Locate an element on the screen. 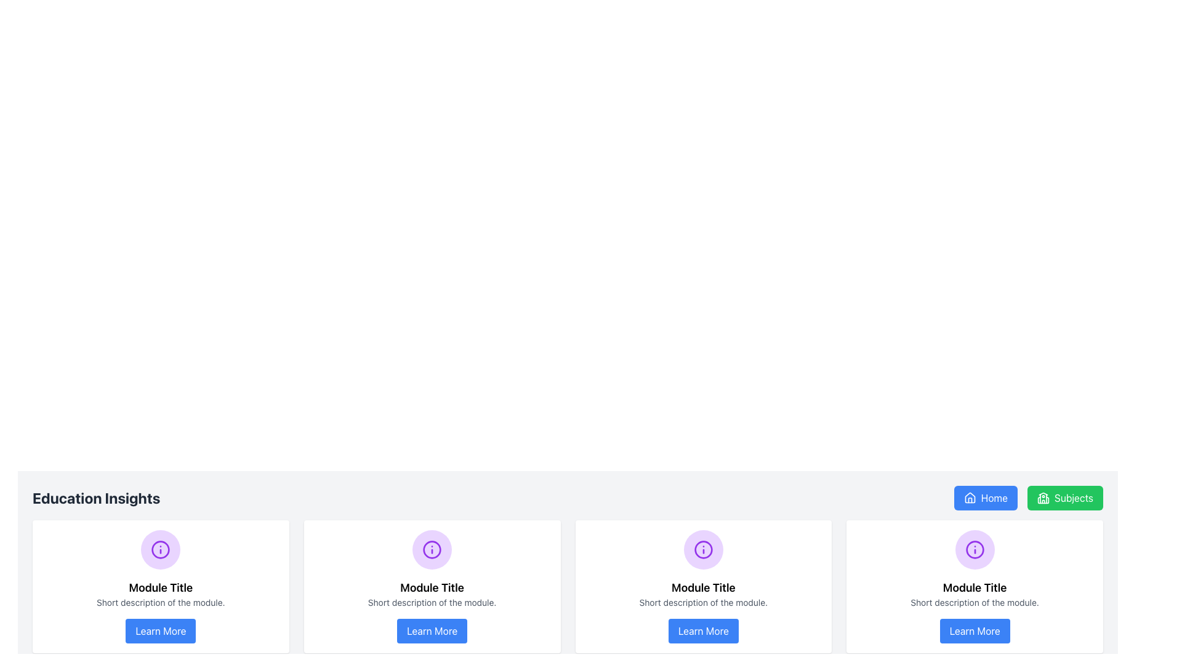 This screenshot has height=665, width=1182. the icon located at the center of the first card in the horizontally aligned list, which is contained within the top circular purple element above the 'Module Title' text is located at coordinates (160, 549).